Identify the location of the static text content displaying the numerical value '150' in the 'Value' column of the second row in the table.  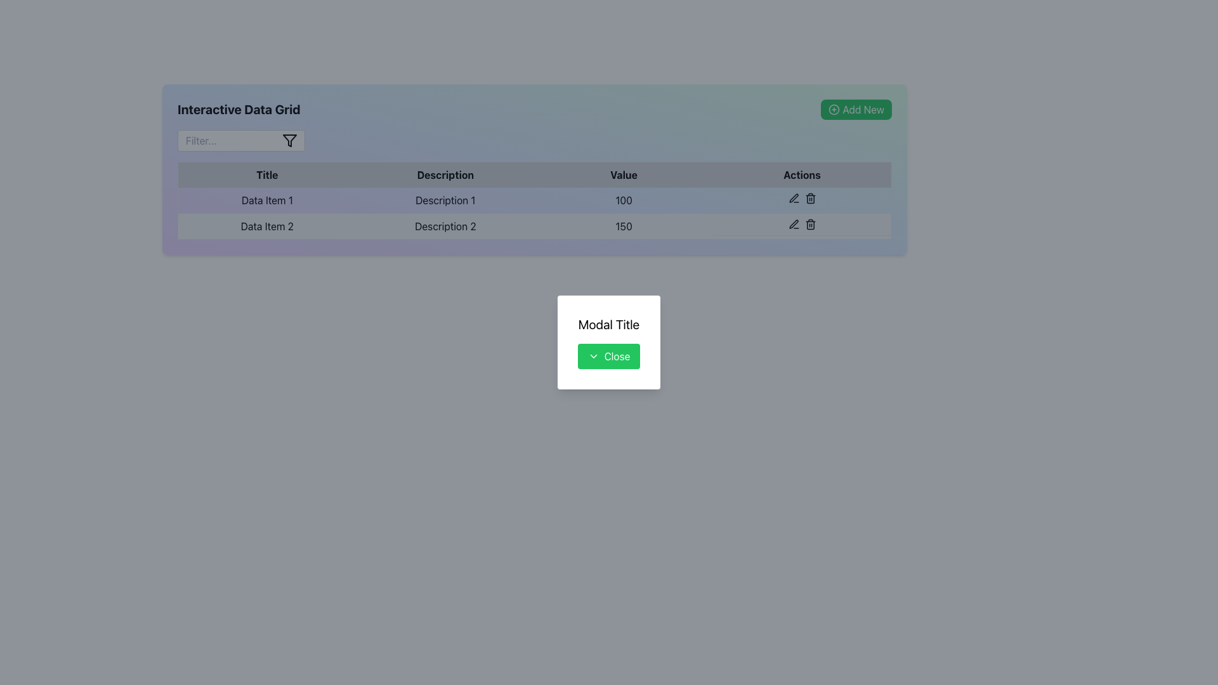
(624, 226).